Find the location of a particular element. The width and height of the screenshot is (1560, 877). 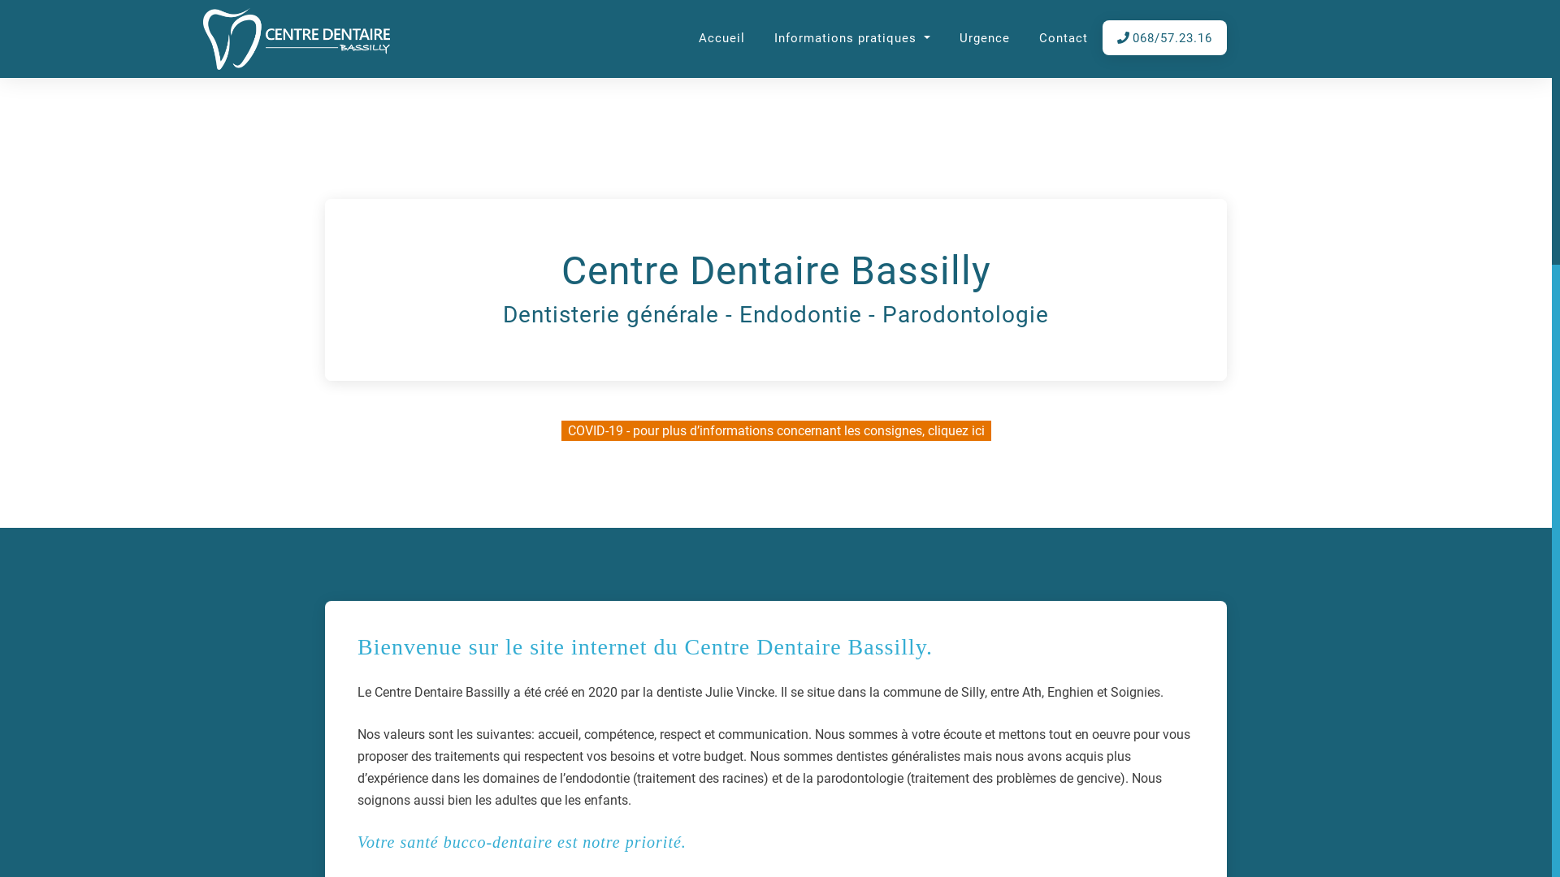

'Accueil' is located at coordinates (721, 38).